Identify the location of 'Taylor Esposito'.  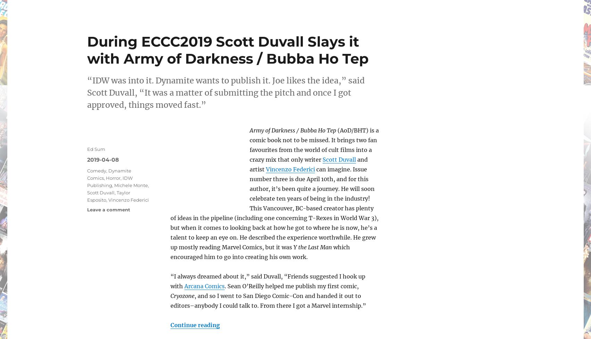
(108, 195).